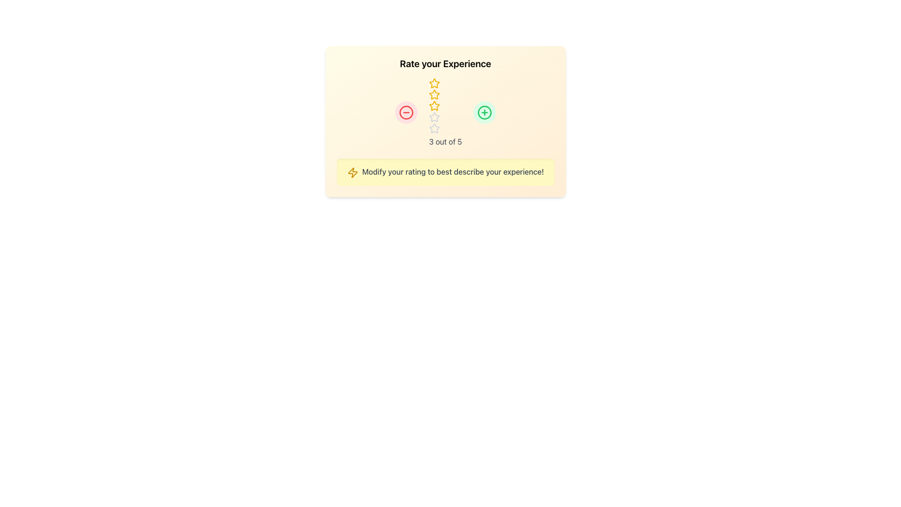 The height and width of the screenshot is (507, 901). Describe the element at coordinates (445, 121) in the screenshot. I see `the interactive rating stars in the information card located at the upper-middle region of the interface` at that location.